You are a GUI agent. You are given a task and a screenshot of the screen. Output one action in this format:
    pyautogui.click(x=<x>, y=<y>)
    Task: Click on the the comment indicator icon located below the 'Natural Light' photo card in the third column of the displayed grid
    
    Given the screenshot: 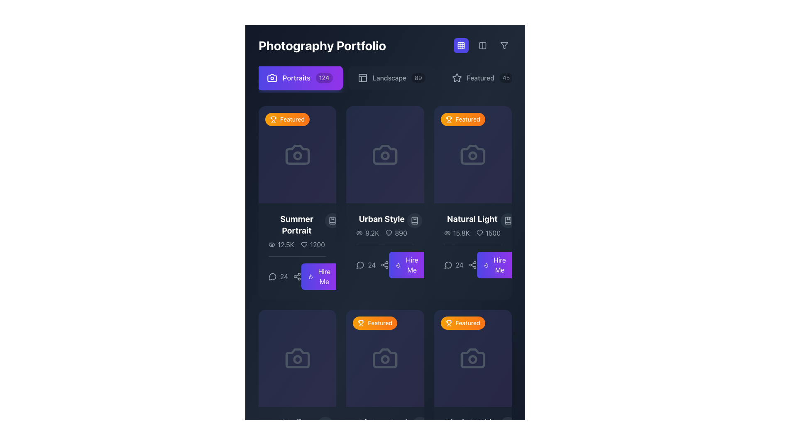 What is the action you would take?
    pyautogui.click(x=447, y=265)
    